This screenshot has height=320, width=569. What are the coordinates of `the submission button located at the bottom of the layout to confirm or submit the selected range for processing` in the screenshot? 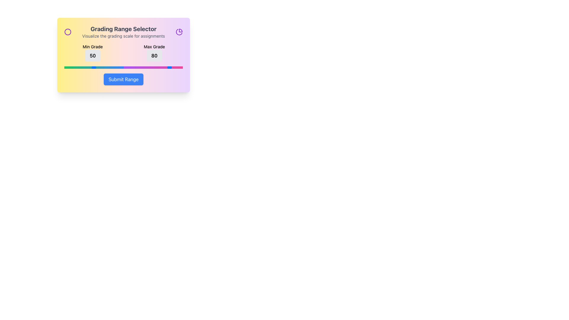 It's located at (123, 79).